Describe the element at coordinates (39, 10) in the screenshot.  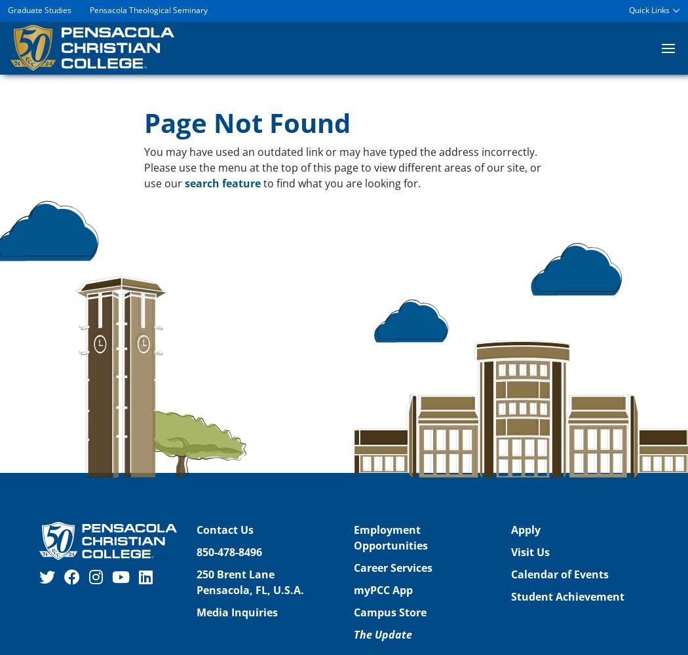
I see `'Graduate Studies'` at that location.